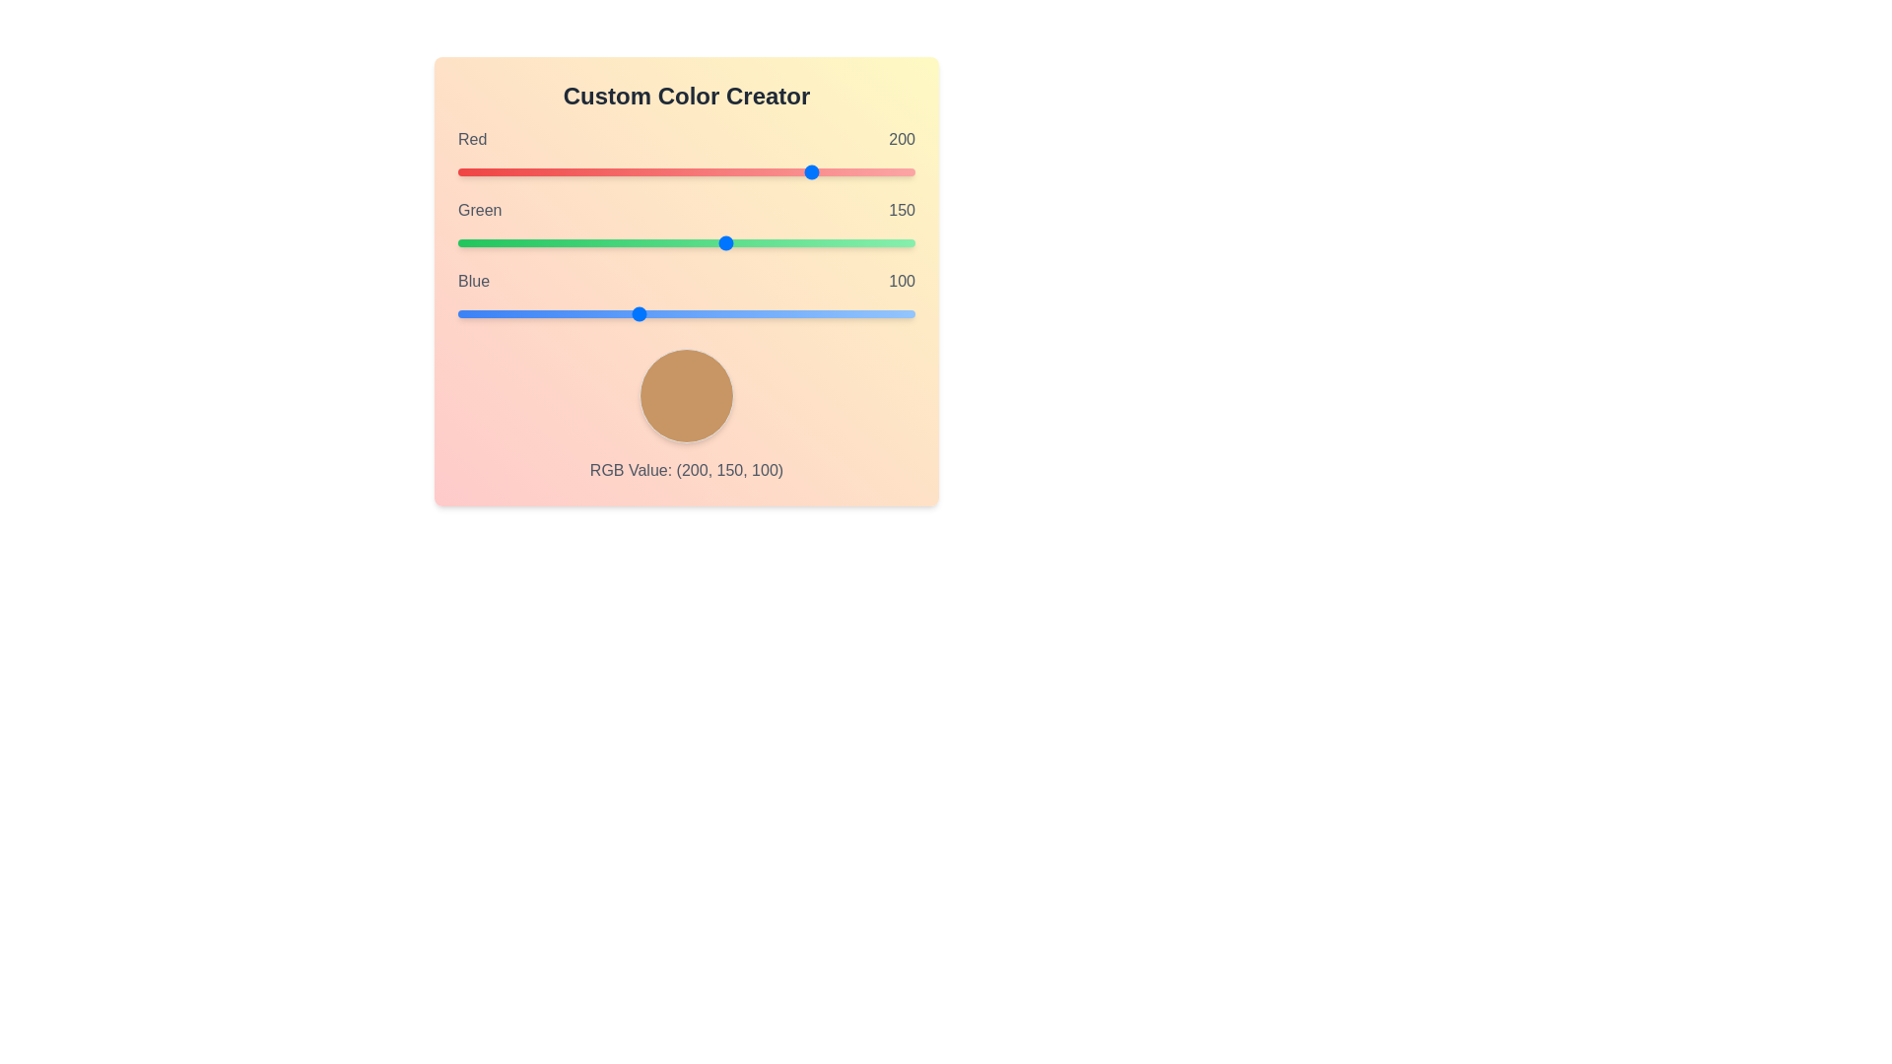  Describe the element at coordinates (647, 170) in the screenshot. I see `the red slider to set the red value to 106` at that location.